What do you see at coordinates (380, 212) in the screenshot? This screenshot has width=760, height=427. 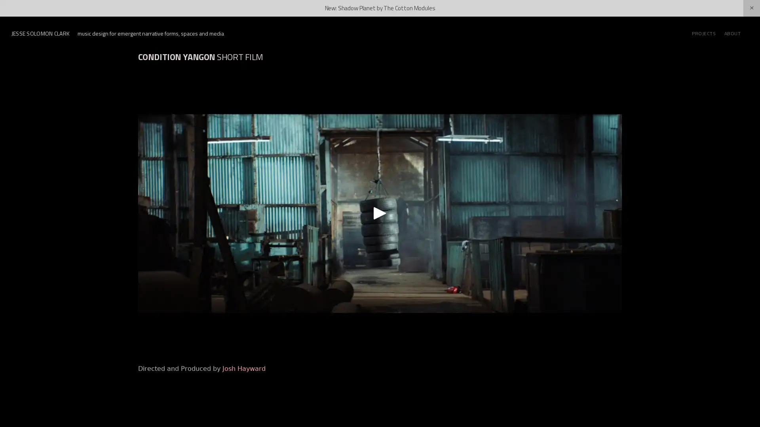 I see `Play` at bounding box center [380, 212].